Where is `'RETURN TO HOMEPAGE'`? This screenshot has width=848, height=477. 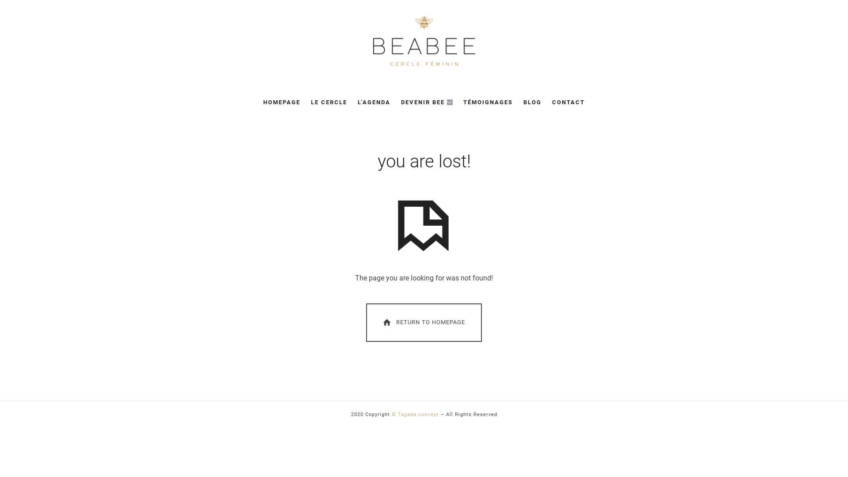
'RETURN TO HOMEPAGE' is located at coordinates (423, 322).